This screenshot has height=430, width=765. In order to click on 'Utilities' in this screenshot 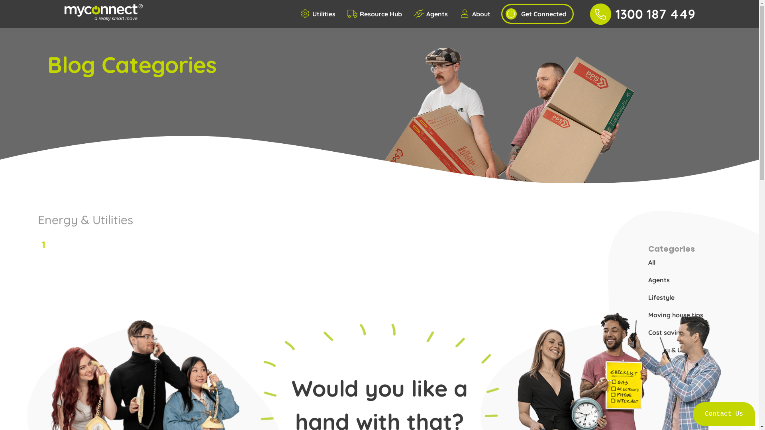, I will do `click(318, 14)`.